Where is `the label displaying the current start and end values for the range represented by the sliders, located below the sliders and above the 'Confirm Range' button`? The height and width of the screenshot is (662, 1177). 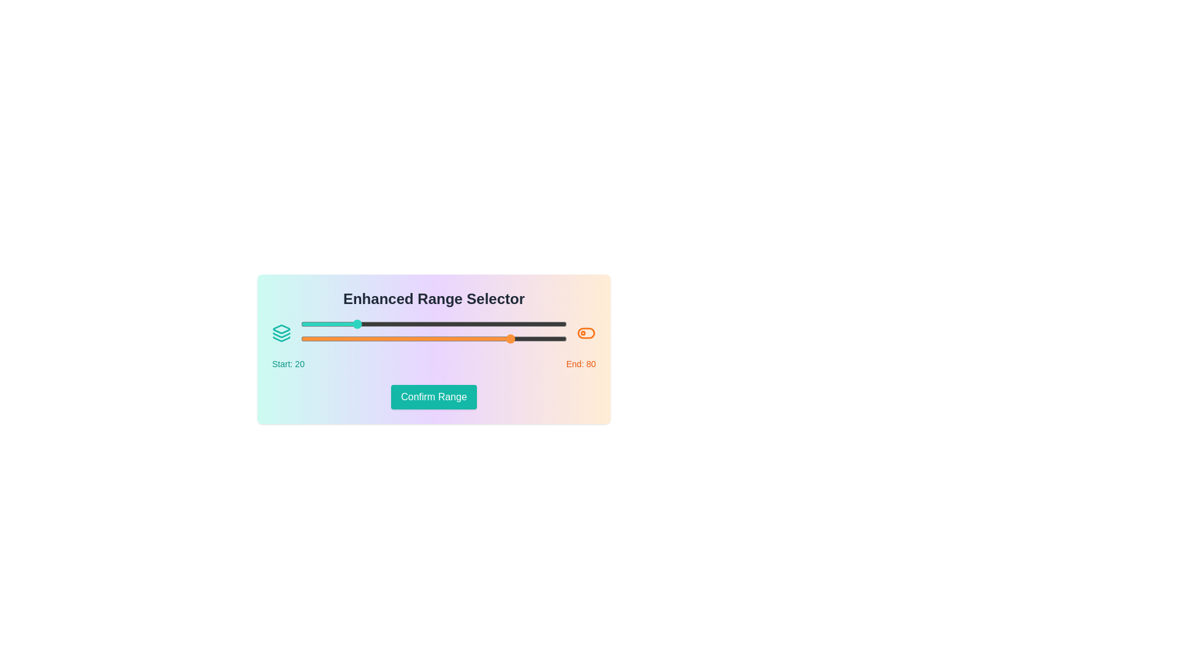 the label displaying the current start and end values for the range represented by the sliders, located below the sliders and above the 'Confirm Range' button is located at coordinates (434, 363).